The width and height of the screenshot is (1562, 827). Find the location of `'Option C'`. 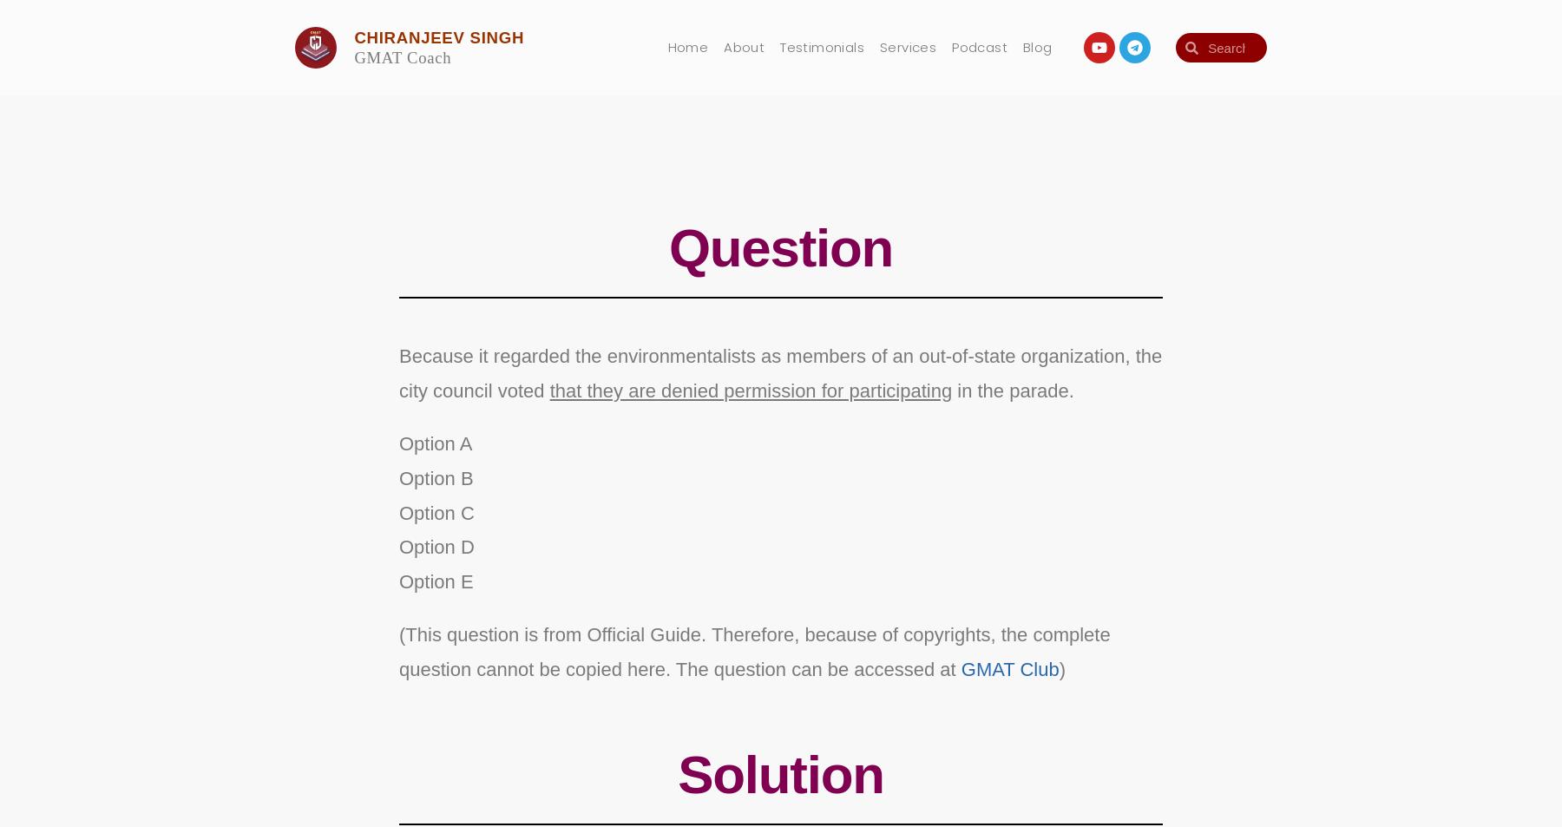

'Option C' is located at coordinates (434, 512).